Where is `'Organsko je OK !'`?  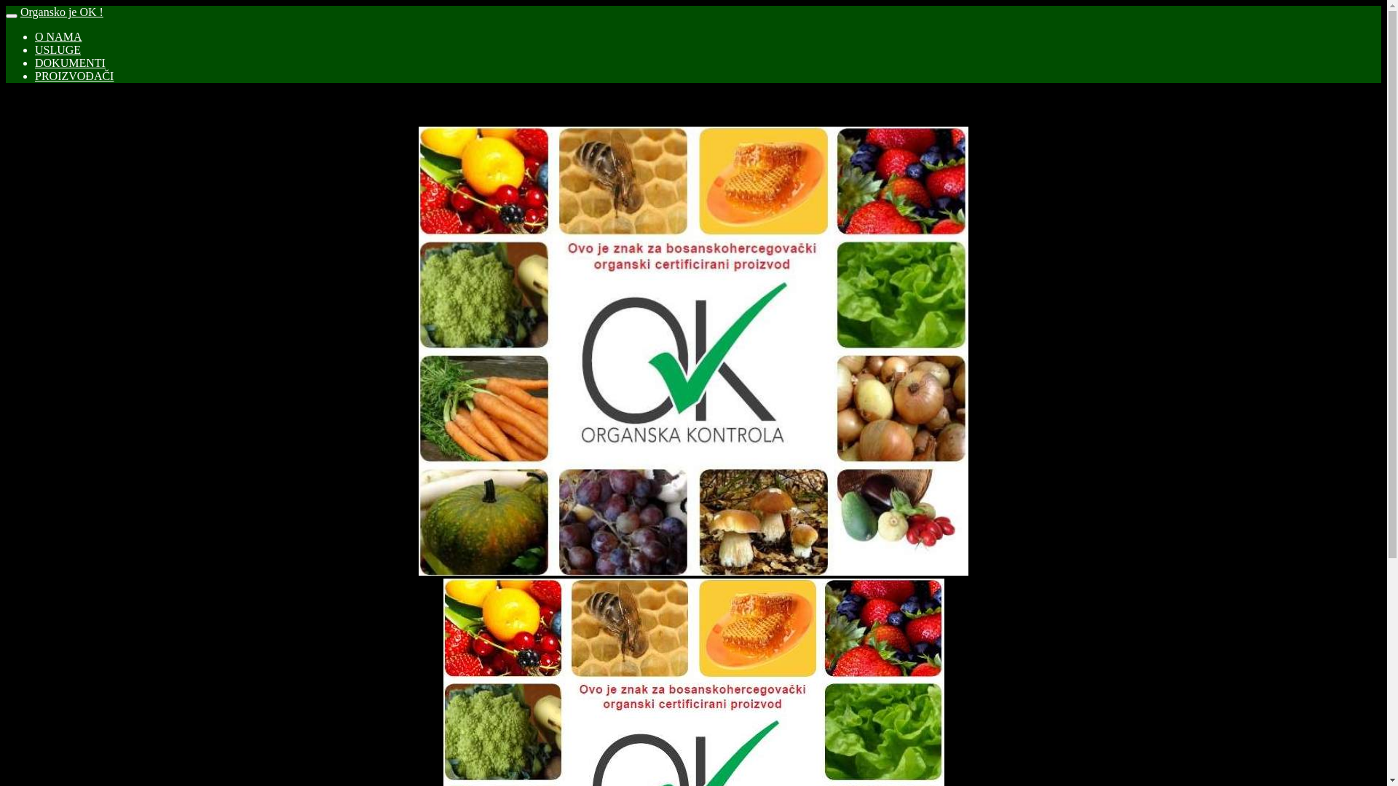
'Organsko je OK !' is located at coordinates (61, 12).